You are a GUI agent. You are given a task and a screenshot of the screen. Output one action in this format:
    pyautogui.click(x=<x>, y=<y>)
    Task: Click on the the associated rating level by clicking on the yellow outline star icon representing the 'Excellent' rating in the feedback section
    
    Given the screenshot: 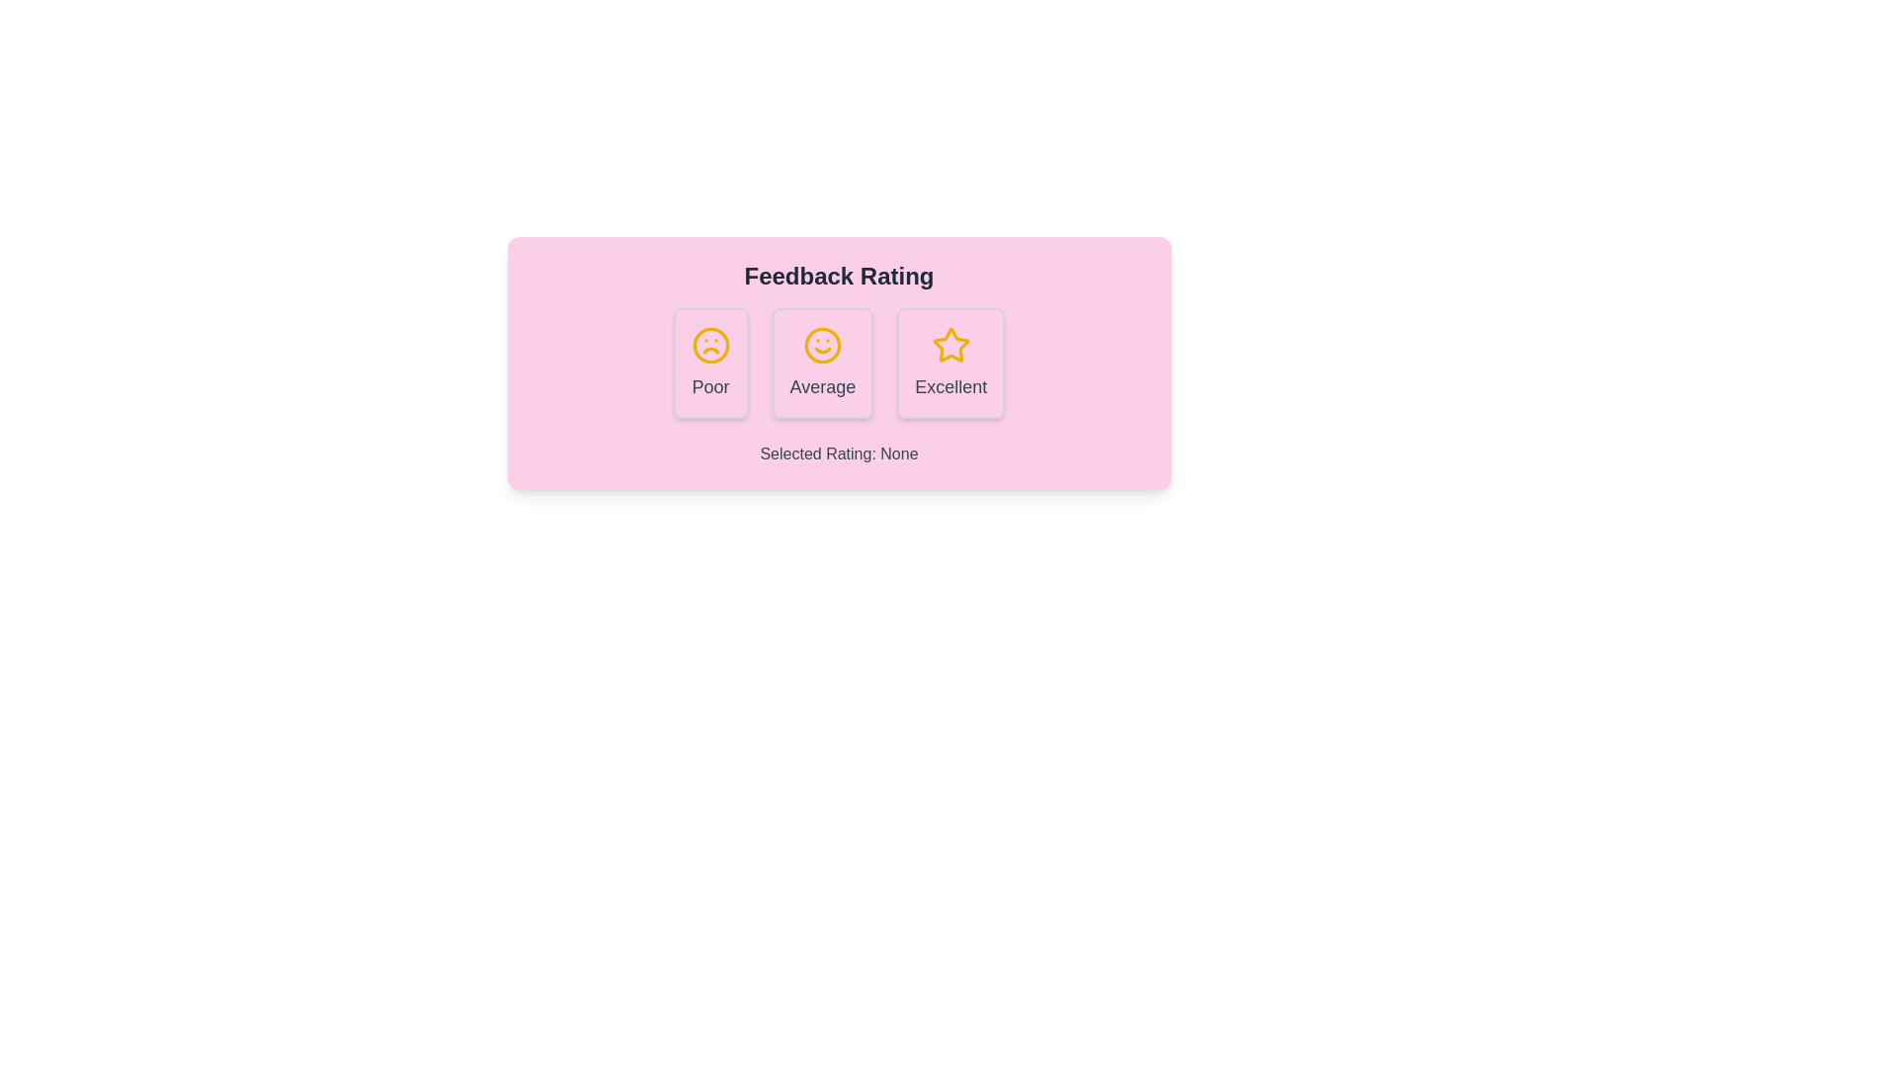 What is the action you would take?
    pyautogui.click(x=950, y=344)
    